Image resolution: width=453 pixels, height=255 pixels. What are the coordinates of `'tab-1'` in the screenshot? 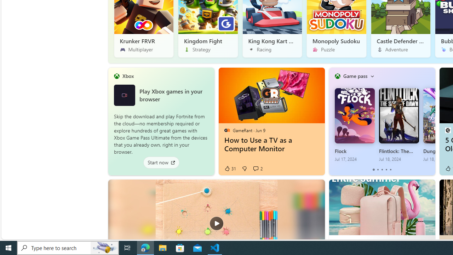 It's located at (377, 170).